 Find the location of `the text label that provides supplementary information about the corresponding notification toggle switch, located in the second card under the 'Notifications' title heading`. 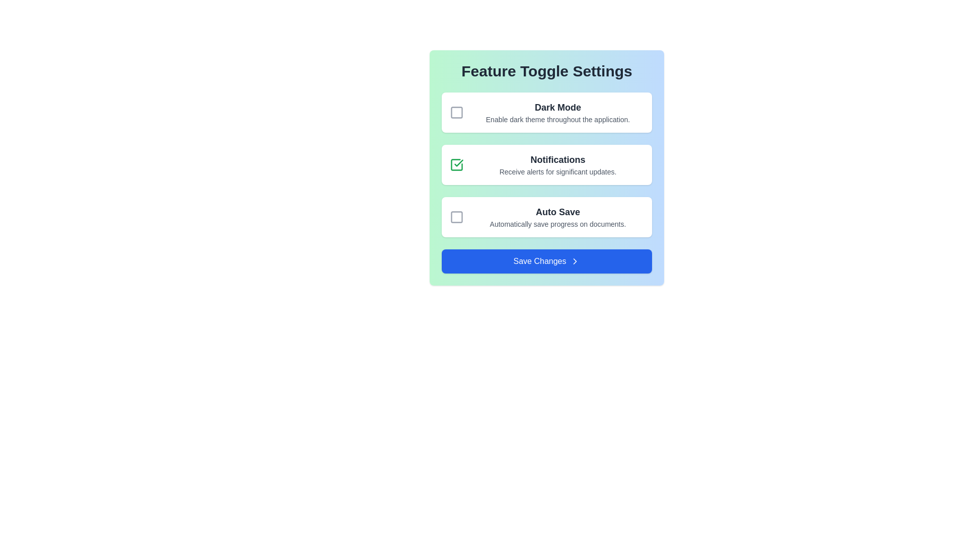

the text label that provides supplementary information about the corresponding notification toggle switch, located in the second card under the 'Notifications' title heading is located at coordinates (557, 171).